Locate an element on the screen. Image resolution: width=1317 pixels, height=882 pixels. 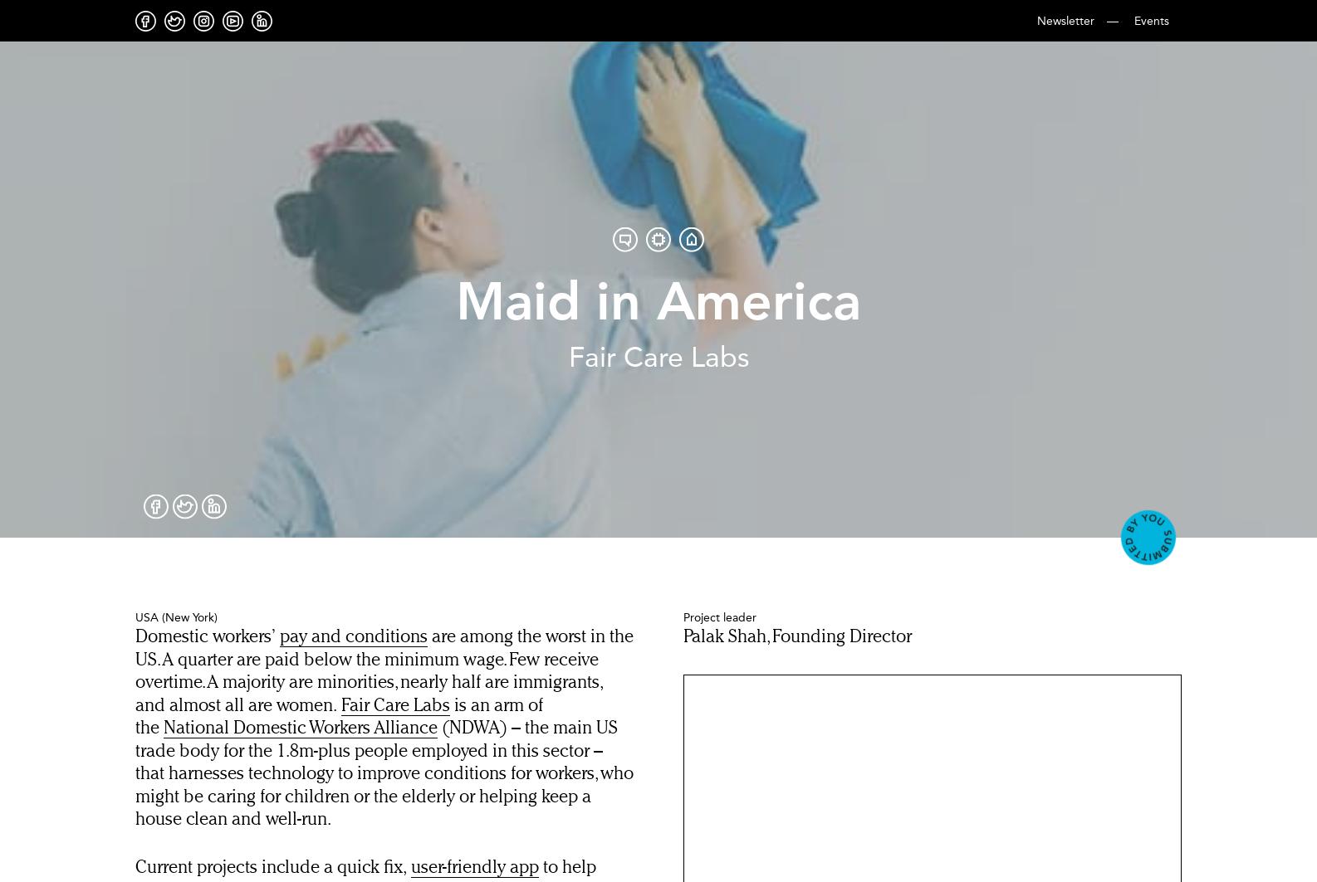
'National Domestic Workers Alliance' is located at coordinates (300, 728).